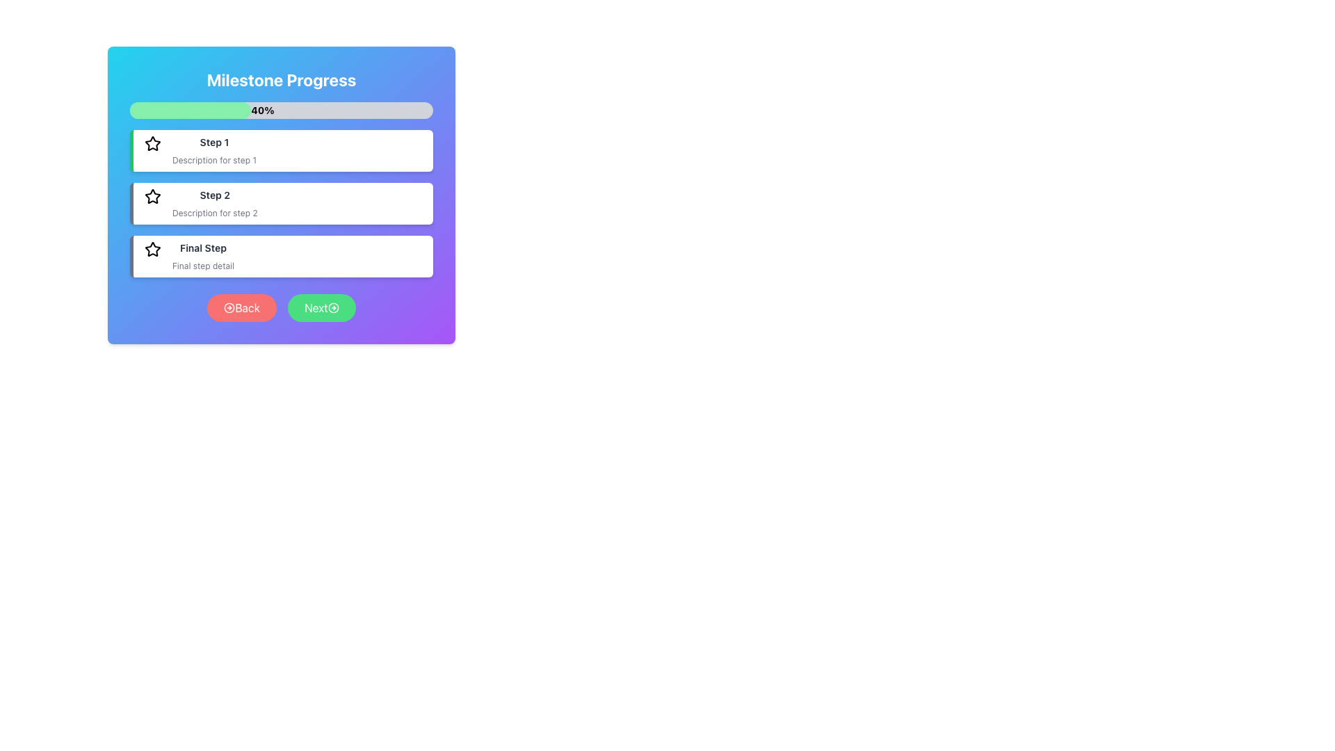 This screenshot has width=1335, height=751. What do you see at coordinates (280, 204) in the screenshot?
I see `the center of the List Item displaying 'Step 2'` at bounding box center [280, 204].